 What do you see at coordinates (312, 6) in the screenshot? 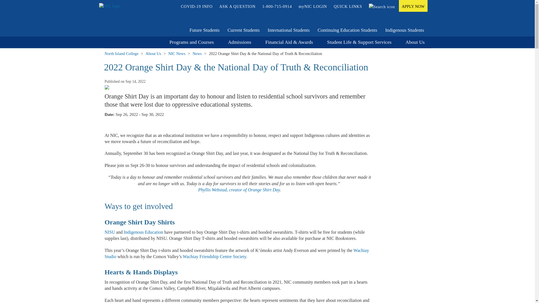
I see `'myNIC LOGIN'` at bounding box center [312, 6].